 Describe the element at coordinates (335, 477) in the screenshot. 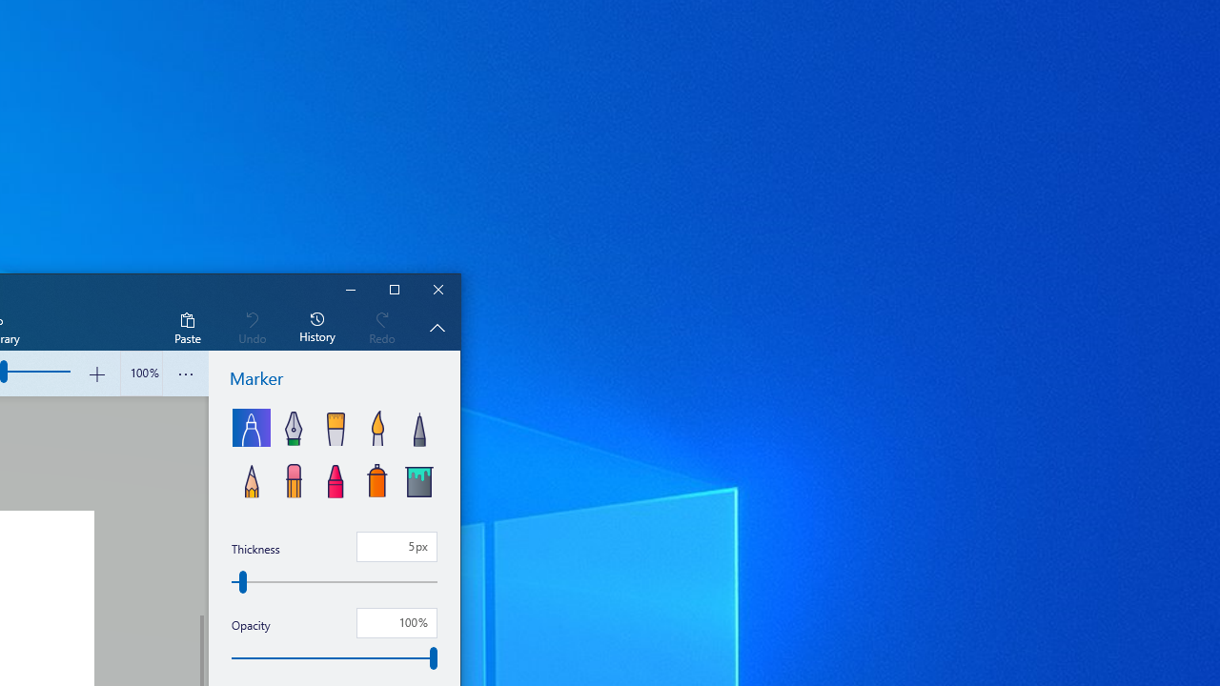

I see `'Crayon'` at that location.